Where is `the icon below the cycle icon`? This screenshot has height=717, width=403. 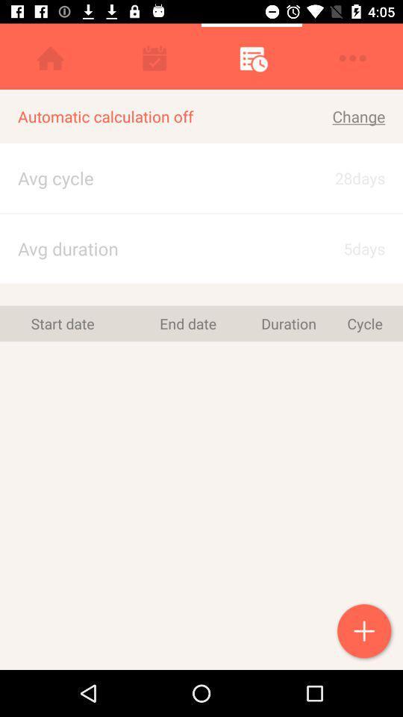
the icon below the cycle icon is located at coordinates (365, 632).